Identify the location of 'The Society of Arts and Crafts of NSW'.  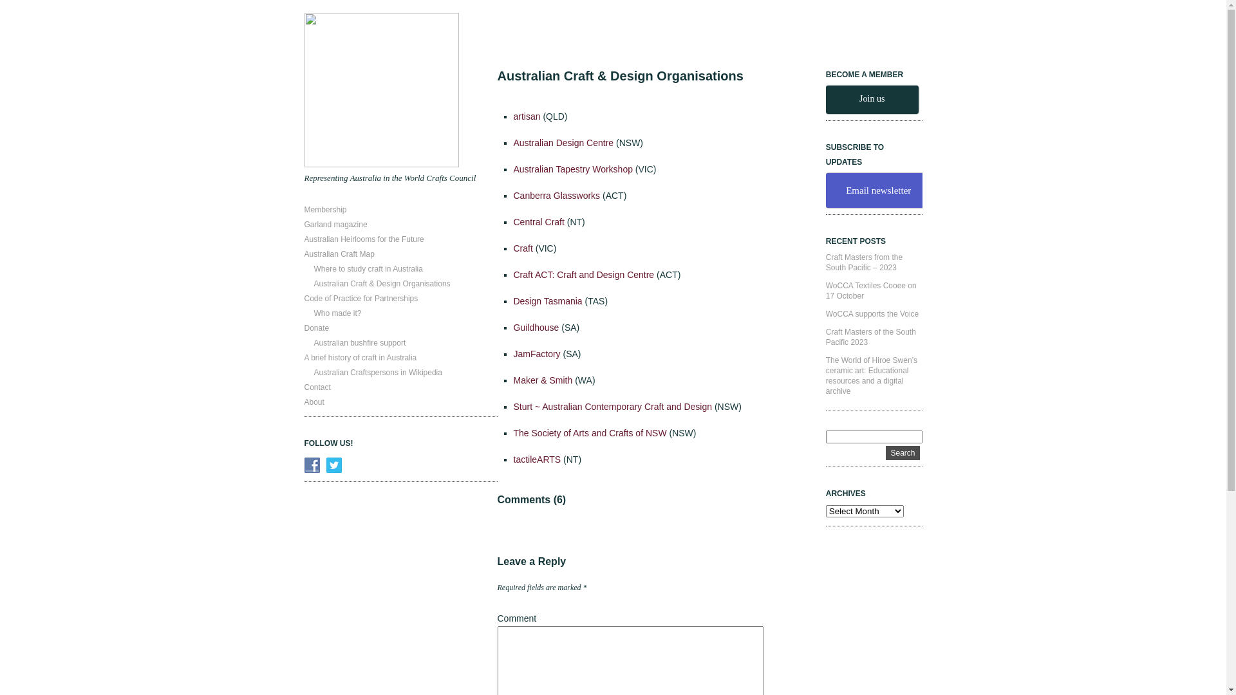
(589, 432).